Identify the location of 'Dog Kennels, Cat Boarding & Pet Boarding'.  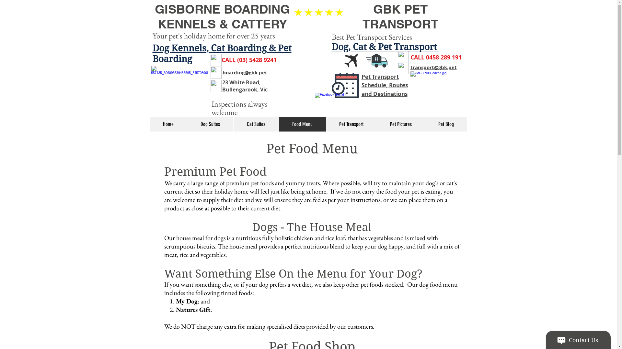
(222, 53).